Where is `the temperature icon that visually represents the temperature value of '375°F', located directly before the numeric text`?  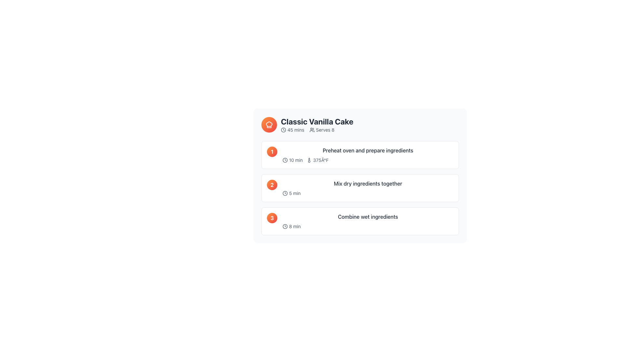
the temperature icon that visually represents the temperature value of '375°F', located directly before the numeric text is located at coordinates (309, 160).